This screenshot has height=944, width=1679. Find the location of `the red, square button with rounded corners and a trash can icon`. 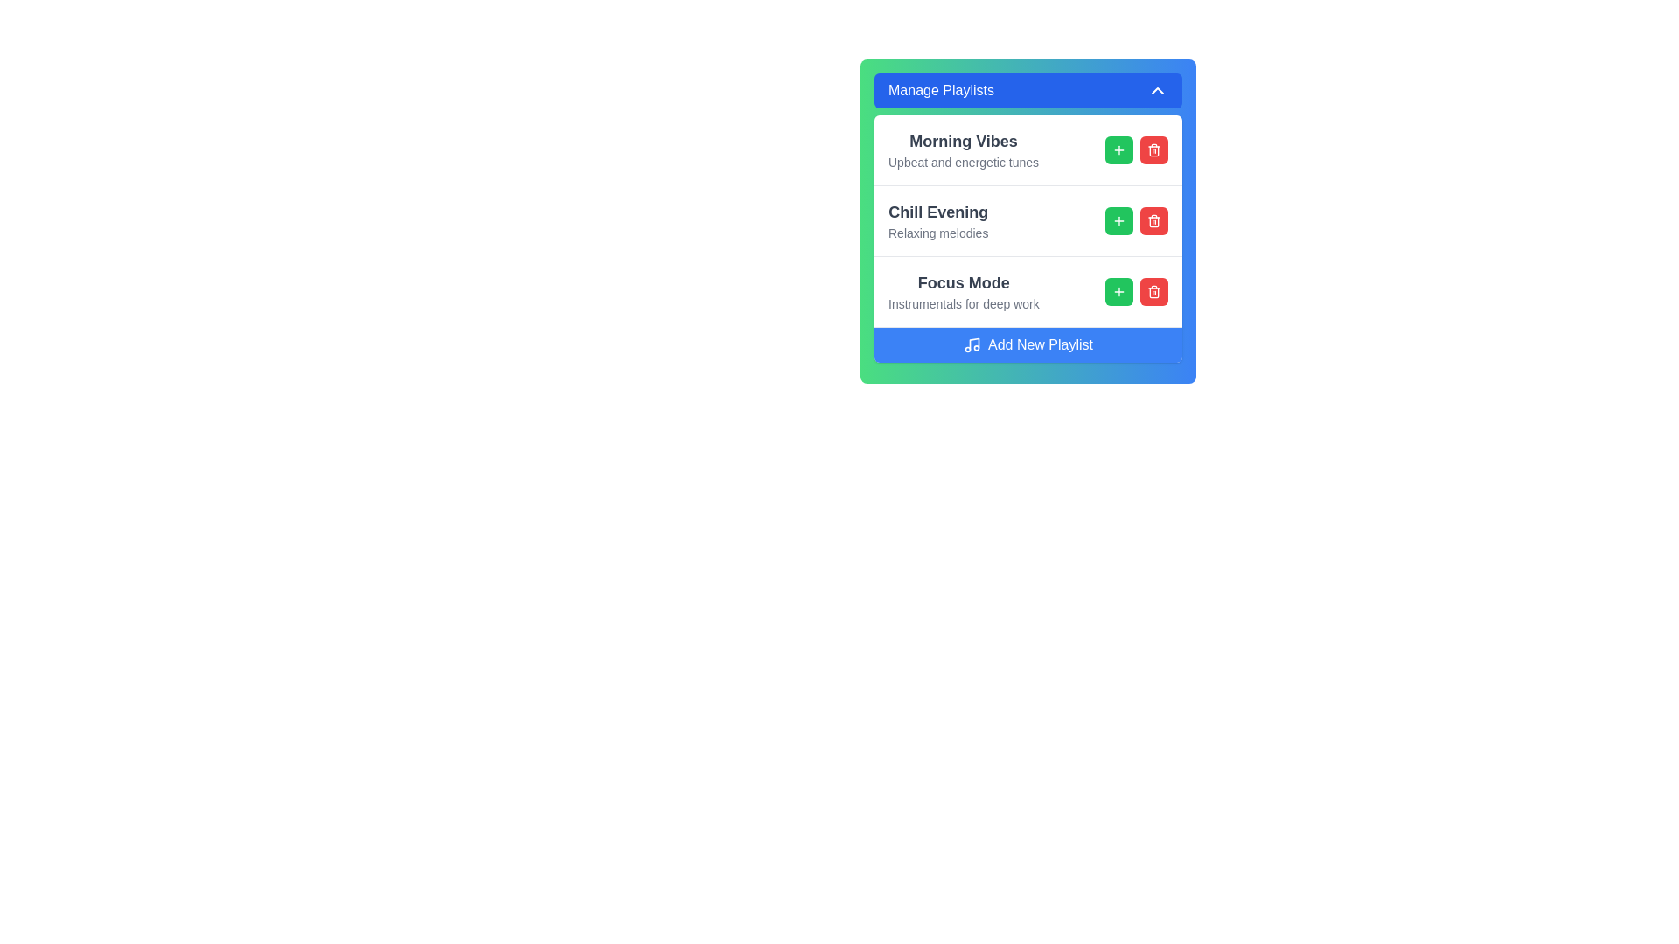

the red, square button with rounded corners and a trash can icon is located at coordinates (1154, 291).